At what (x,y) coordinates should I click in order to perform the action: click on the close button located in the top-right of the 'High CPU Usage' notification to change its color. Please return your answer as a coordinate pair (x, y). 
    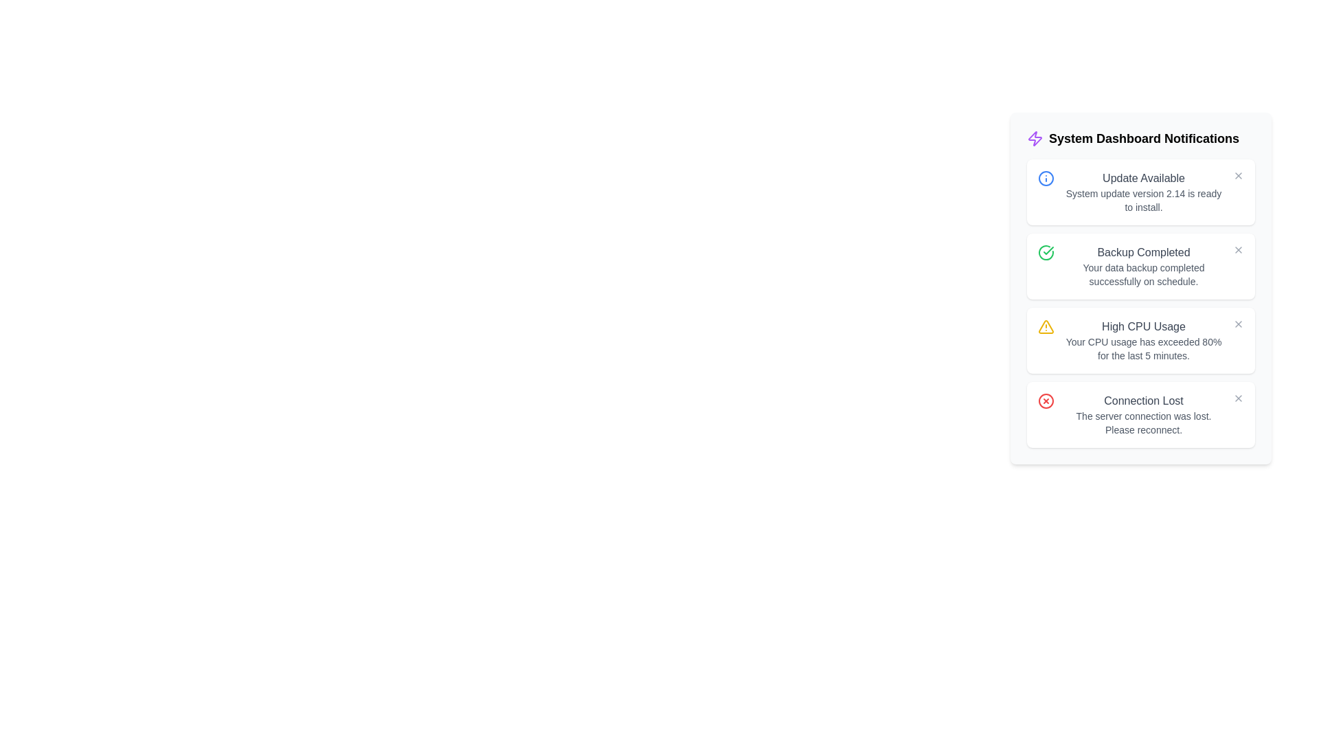
    Looking at the image, I should click on (1239, 324).